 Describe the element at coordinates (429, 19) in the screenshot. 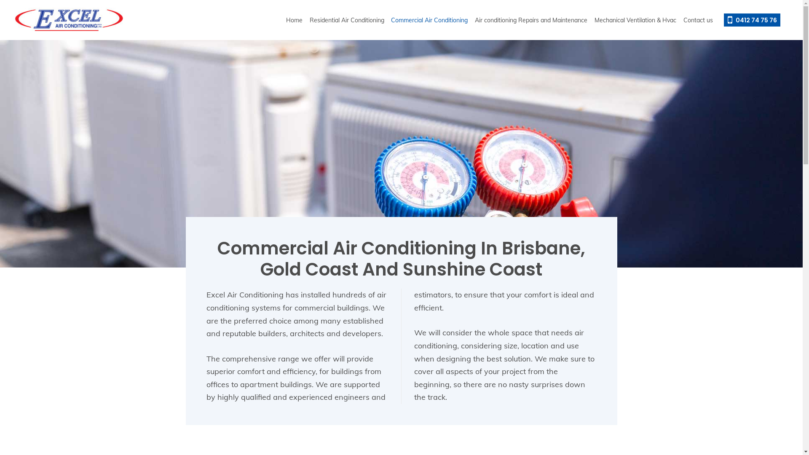

I see `'Commercial Air Conditioning'` at that location.